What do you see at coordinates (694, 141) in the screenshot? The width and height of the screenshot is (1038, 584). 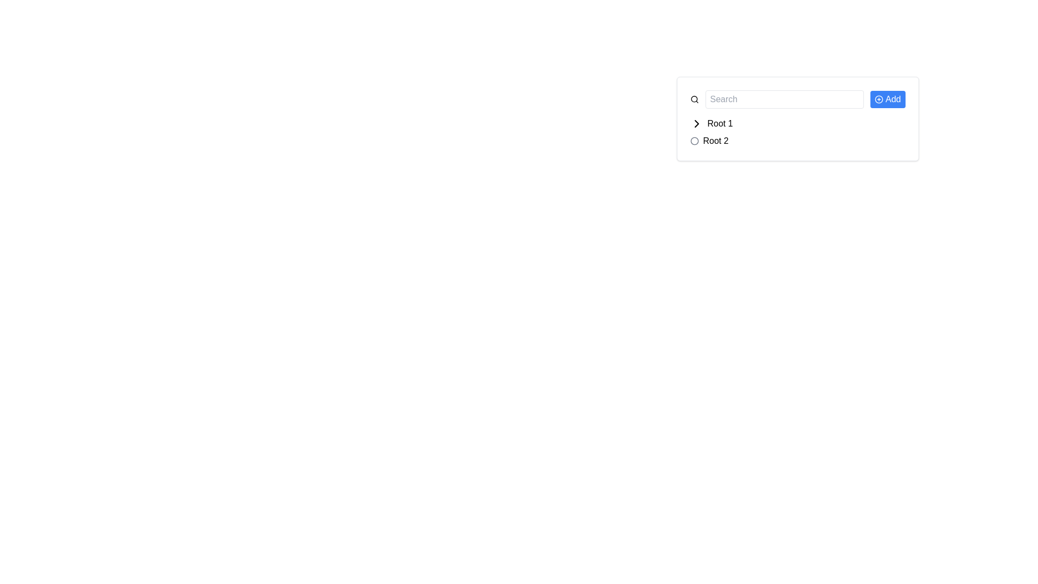 I see `SVG circle element that serves as a graphical accent next to the text 'Root 2' for additional details` at bounding box center [694, 141].